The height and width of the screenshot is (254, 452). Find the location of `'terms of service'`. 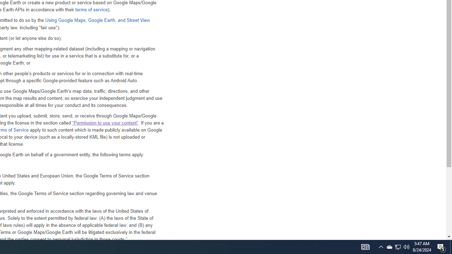

'terms of service' is located at coordinates (91, 10).